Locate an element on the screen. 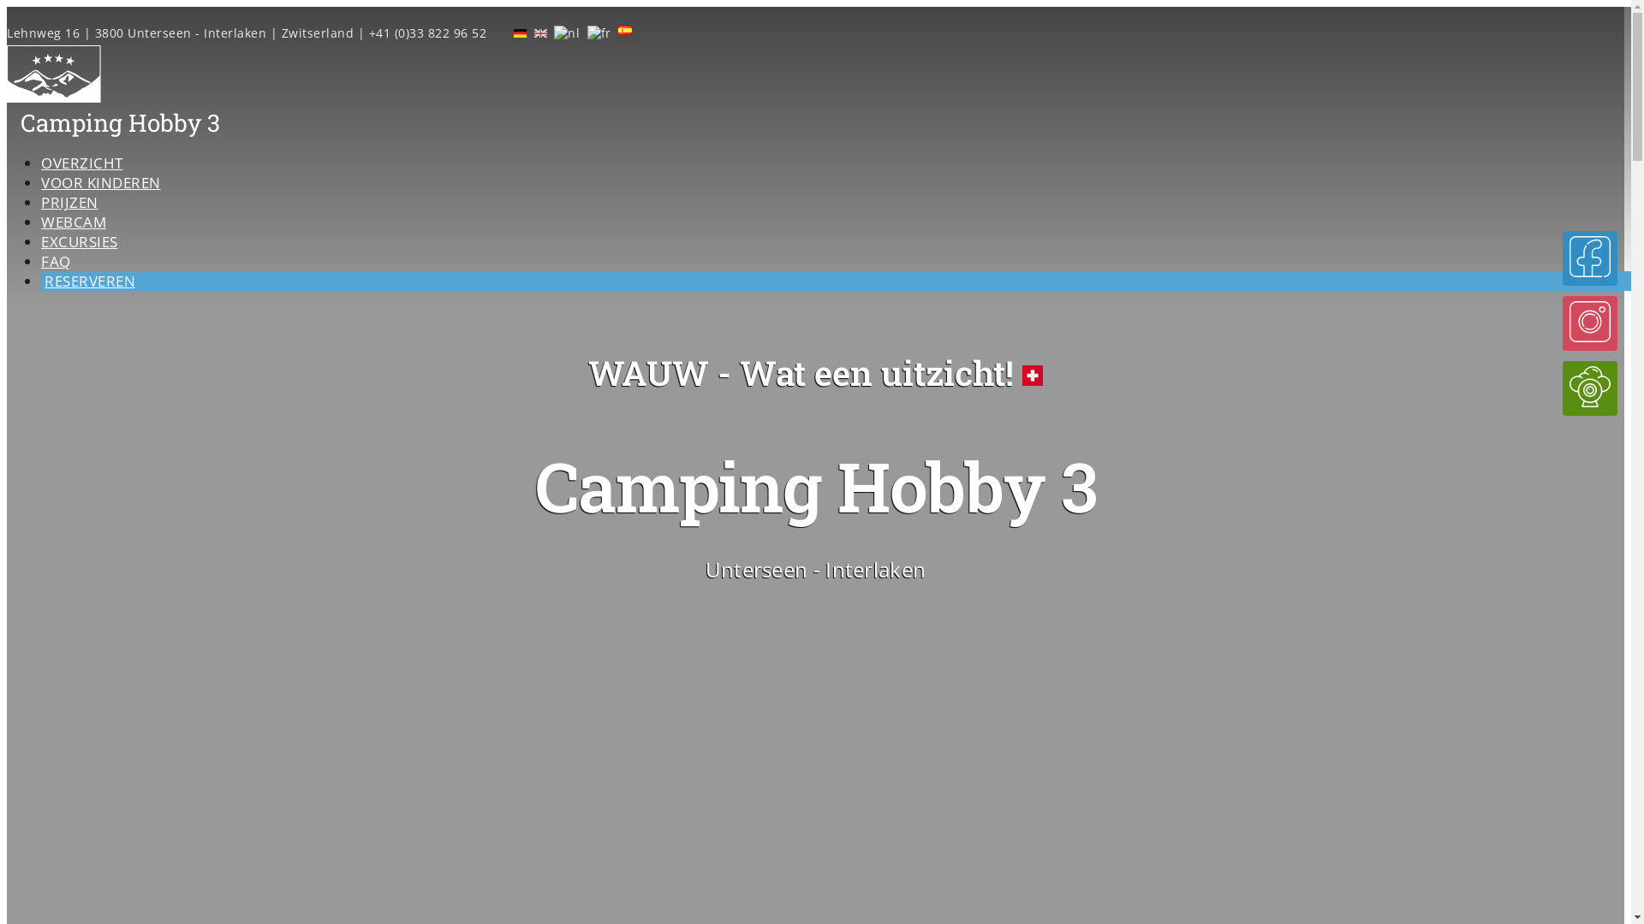  'Volg ons op Instagram' is located at coordinates (492, 33).